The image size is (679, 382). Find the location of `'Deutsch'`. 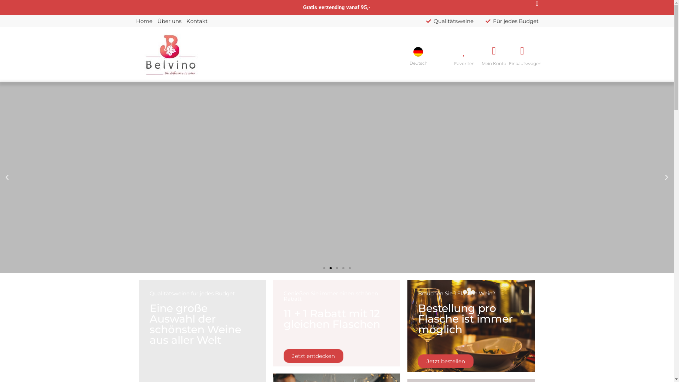

'Deutsch' is located at coordinates (420, 54).